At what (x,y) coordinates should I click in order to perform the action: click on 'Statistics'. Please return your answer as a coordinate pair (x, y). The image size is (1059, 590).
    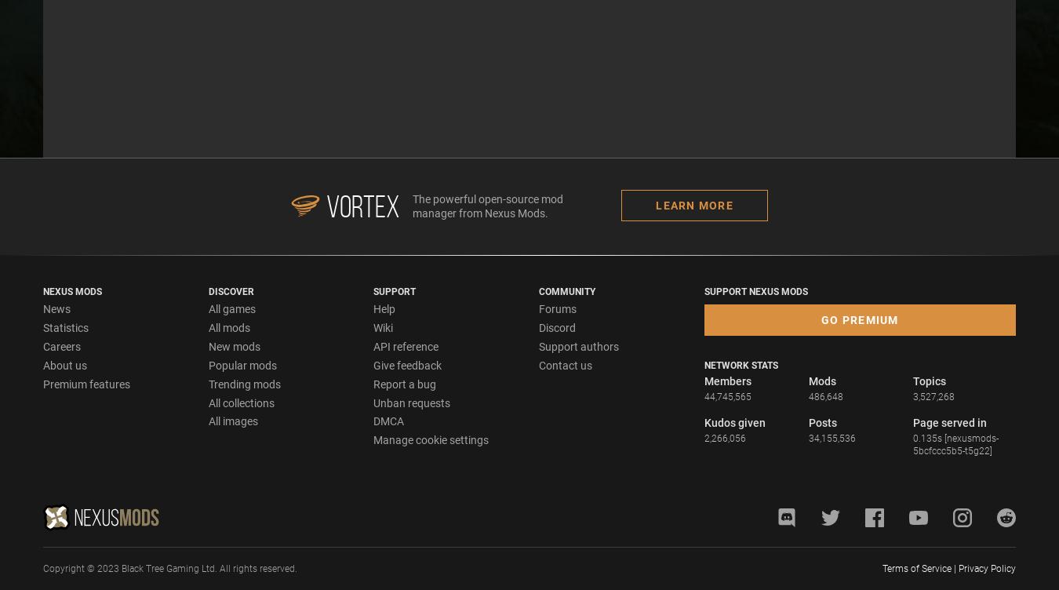
    Looking at the image, I should click on (64, 326).